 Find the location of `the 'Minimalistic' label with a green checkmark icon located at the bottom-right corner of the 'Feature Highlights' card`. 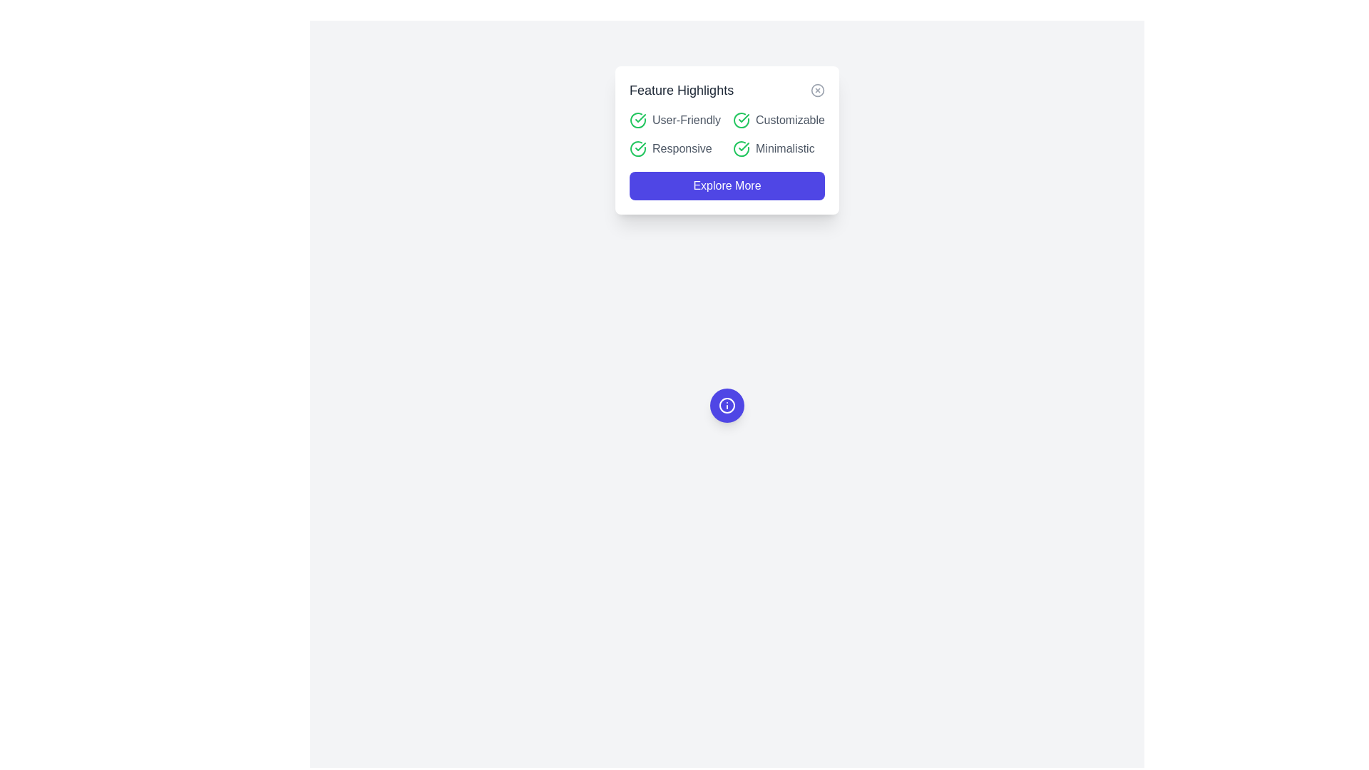

the 'Minimalistic' label with a green checkmark icon located at the bottom-right corner of the 'Feature Highlights' card is located at coordinates (778, 148).